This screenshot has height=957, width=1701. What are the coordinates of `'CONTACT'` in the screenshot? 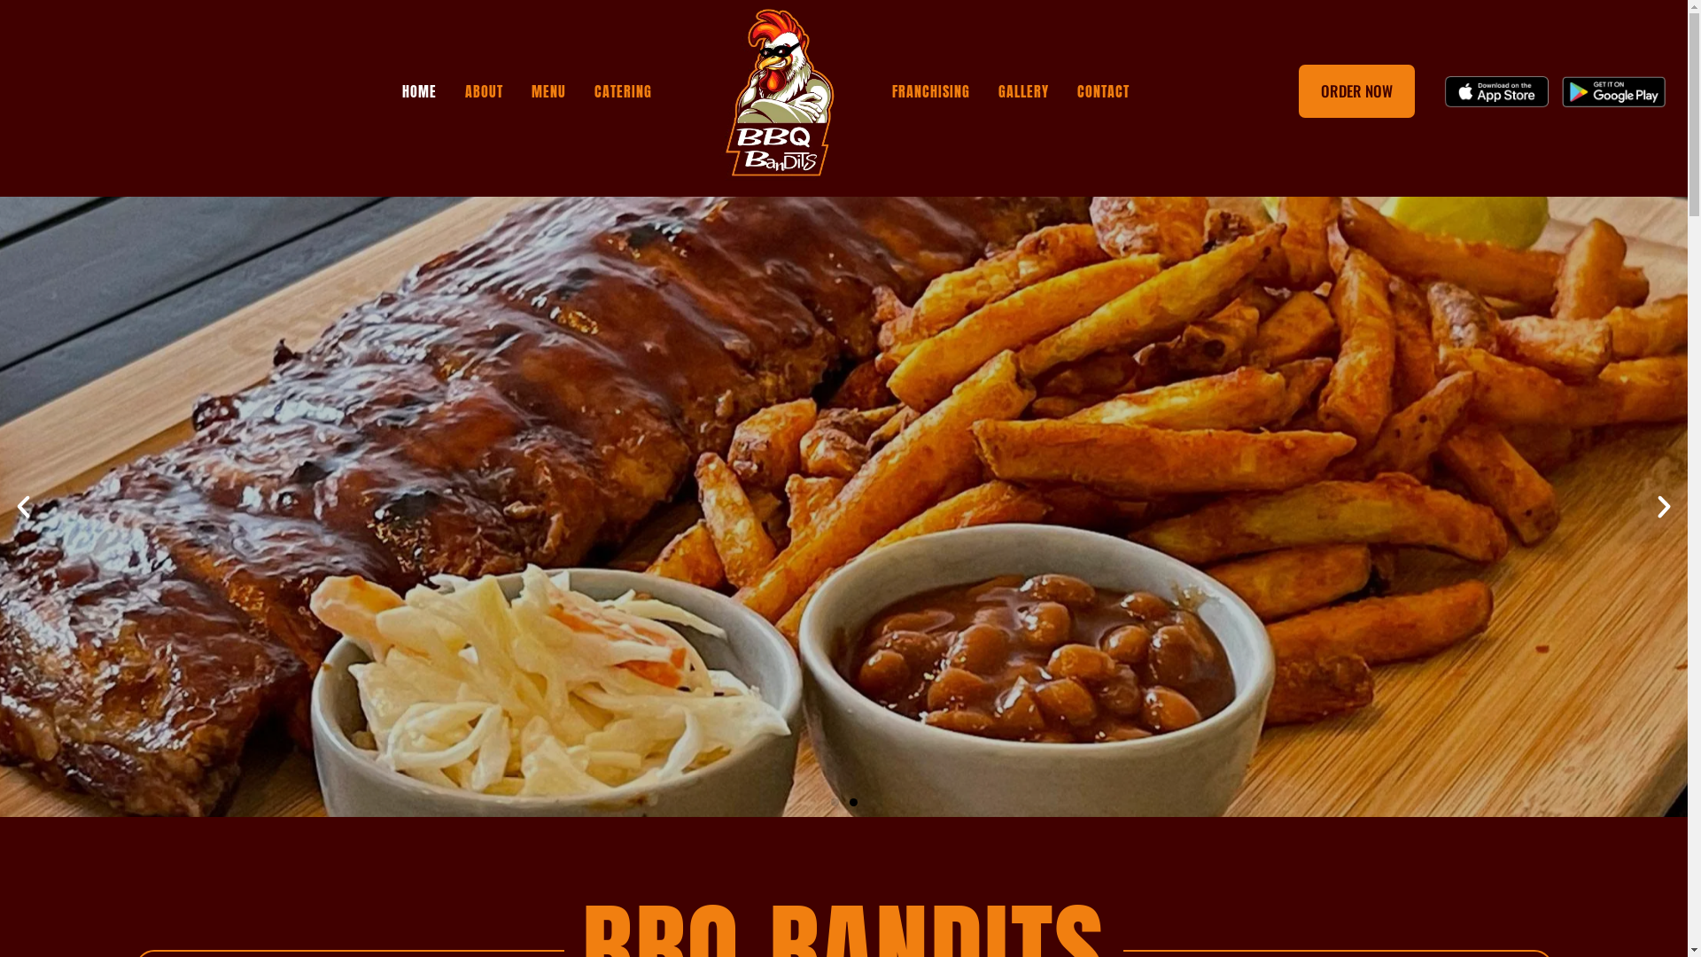 It's located at (1063, 91).